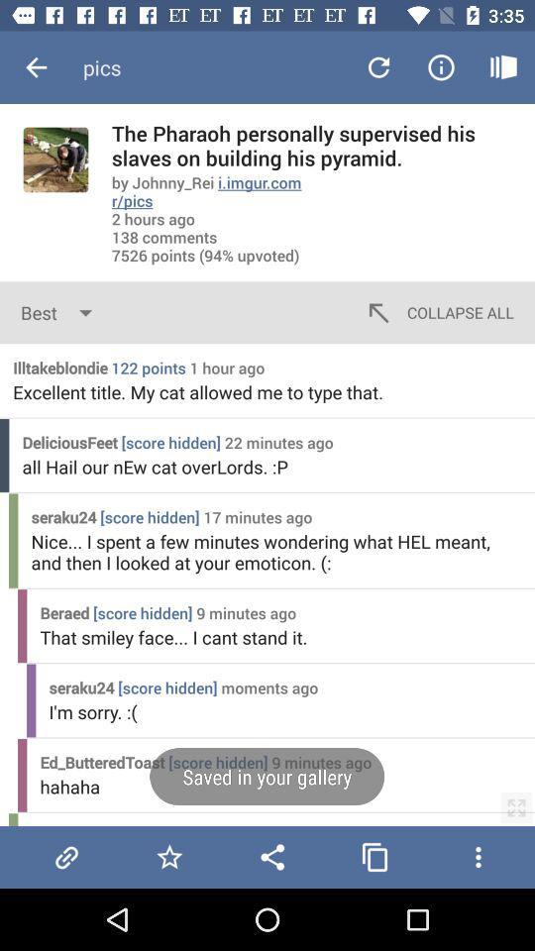  What do you see at coordinates (438, 312) in the screenshot?
I see `icon next to the best` at bounding box center [438, 312].